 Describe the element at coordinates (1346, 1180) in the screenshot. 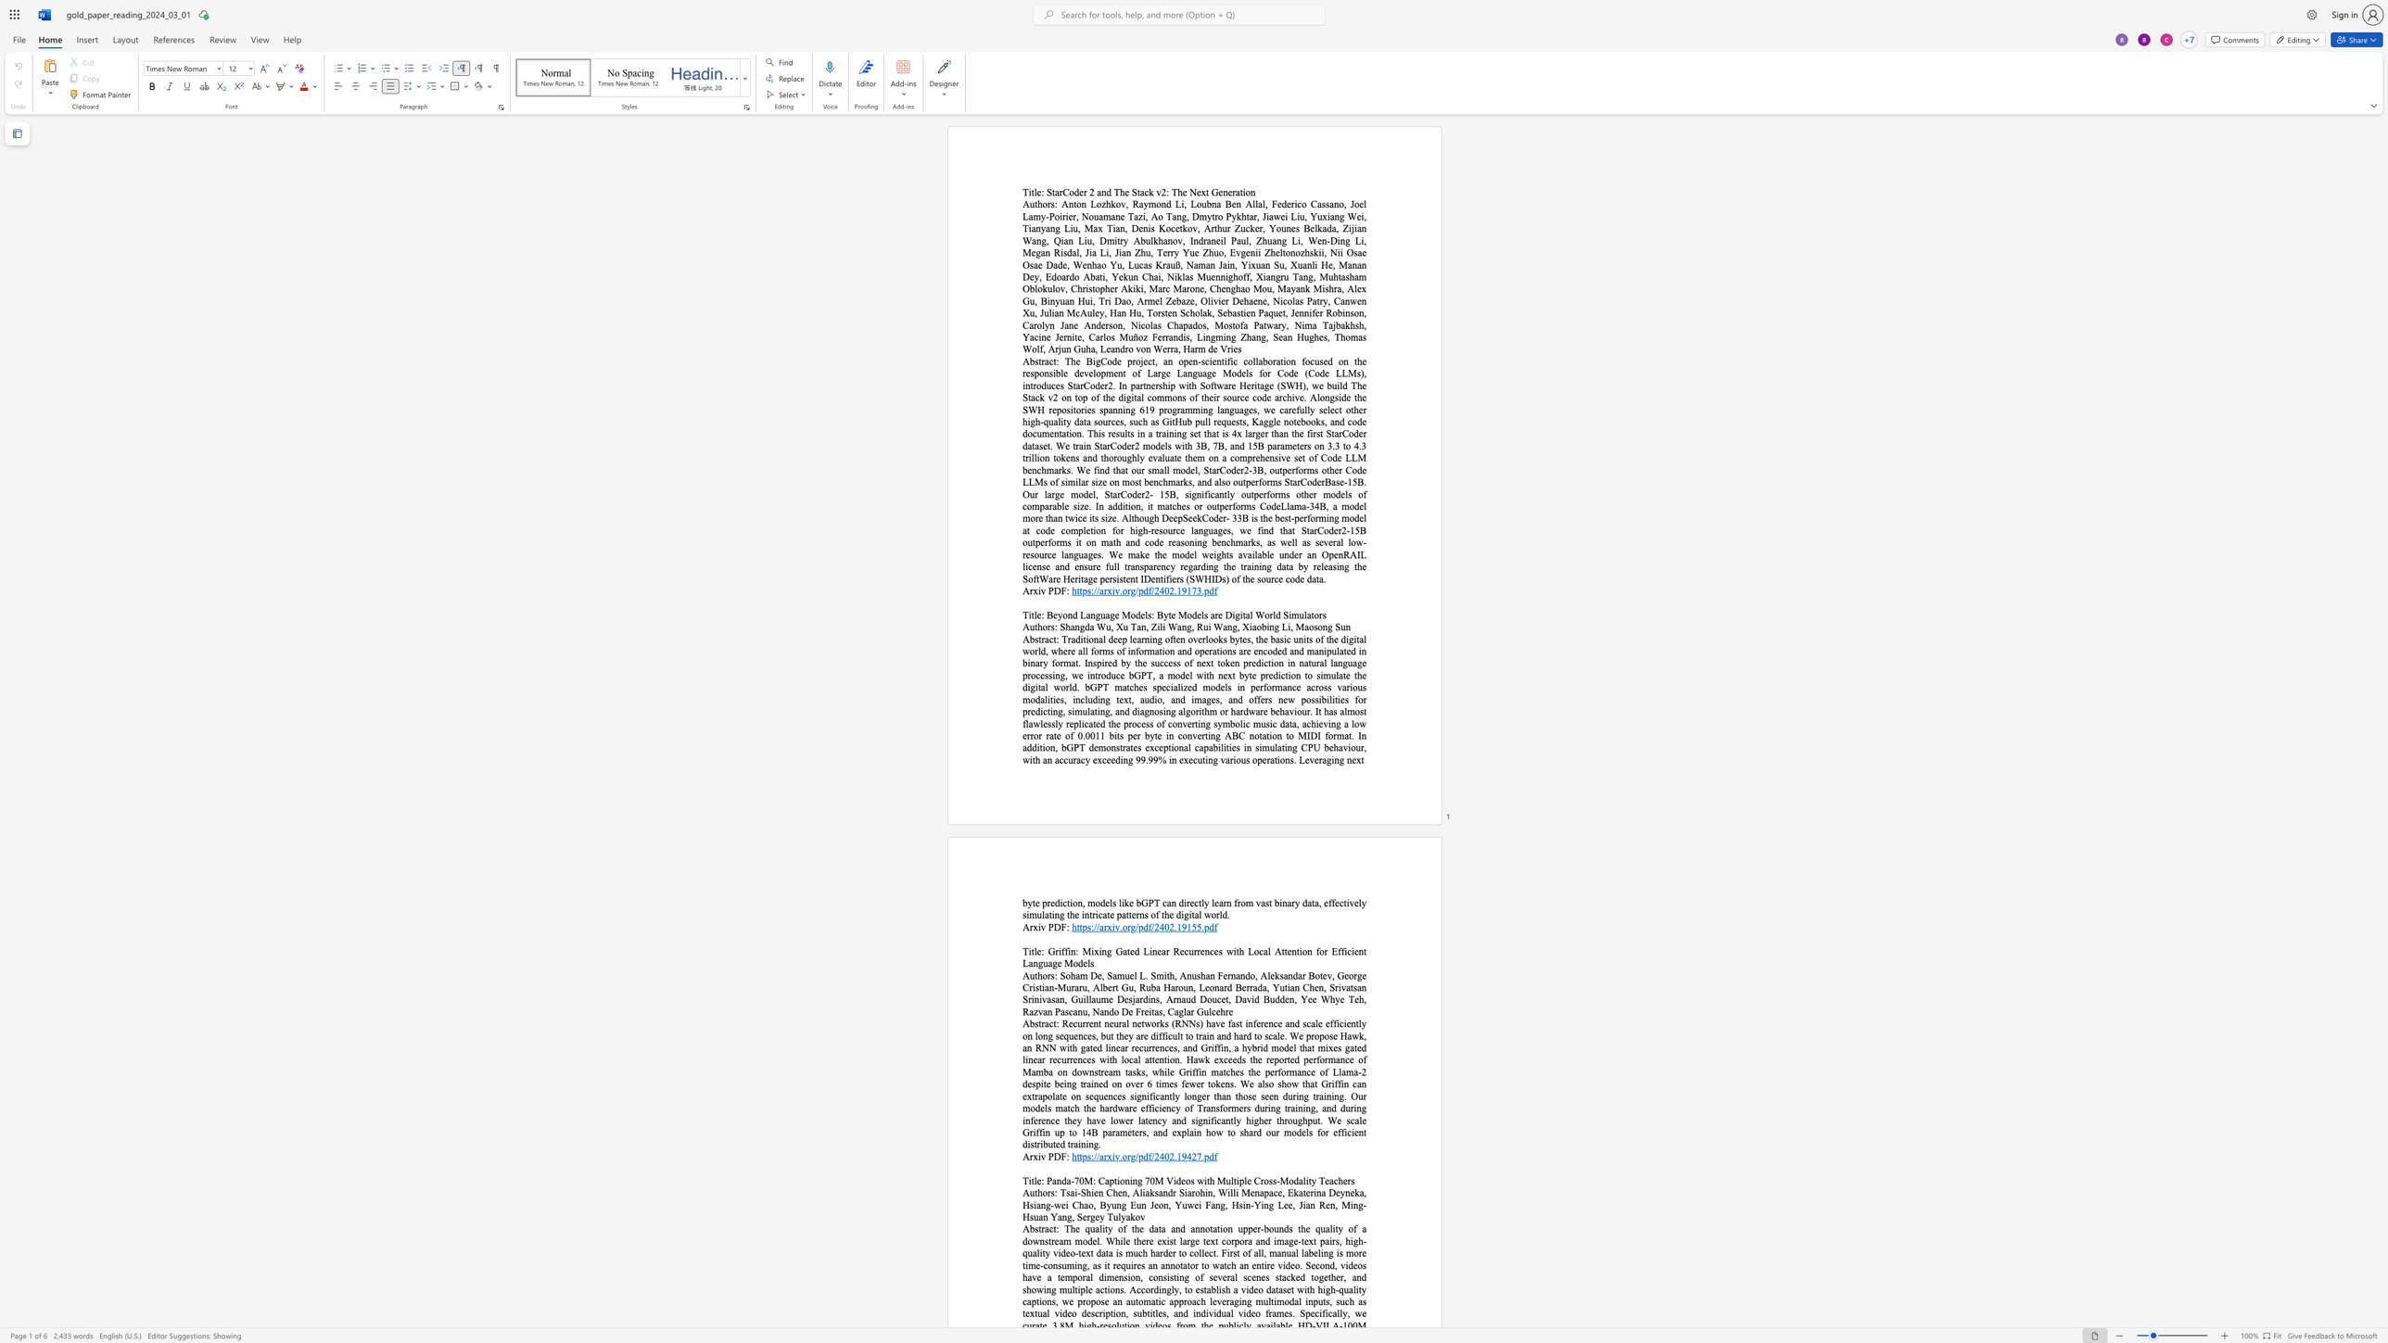

I see `the space between the continuous character "e" and "r" in the text` at that location.